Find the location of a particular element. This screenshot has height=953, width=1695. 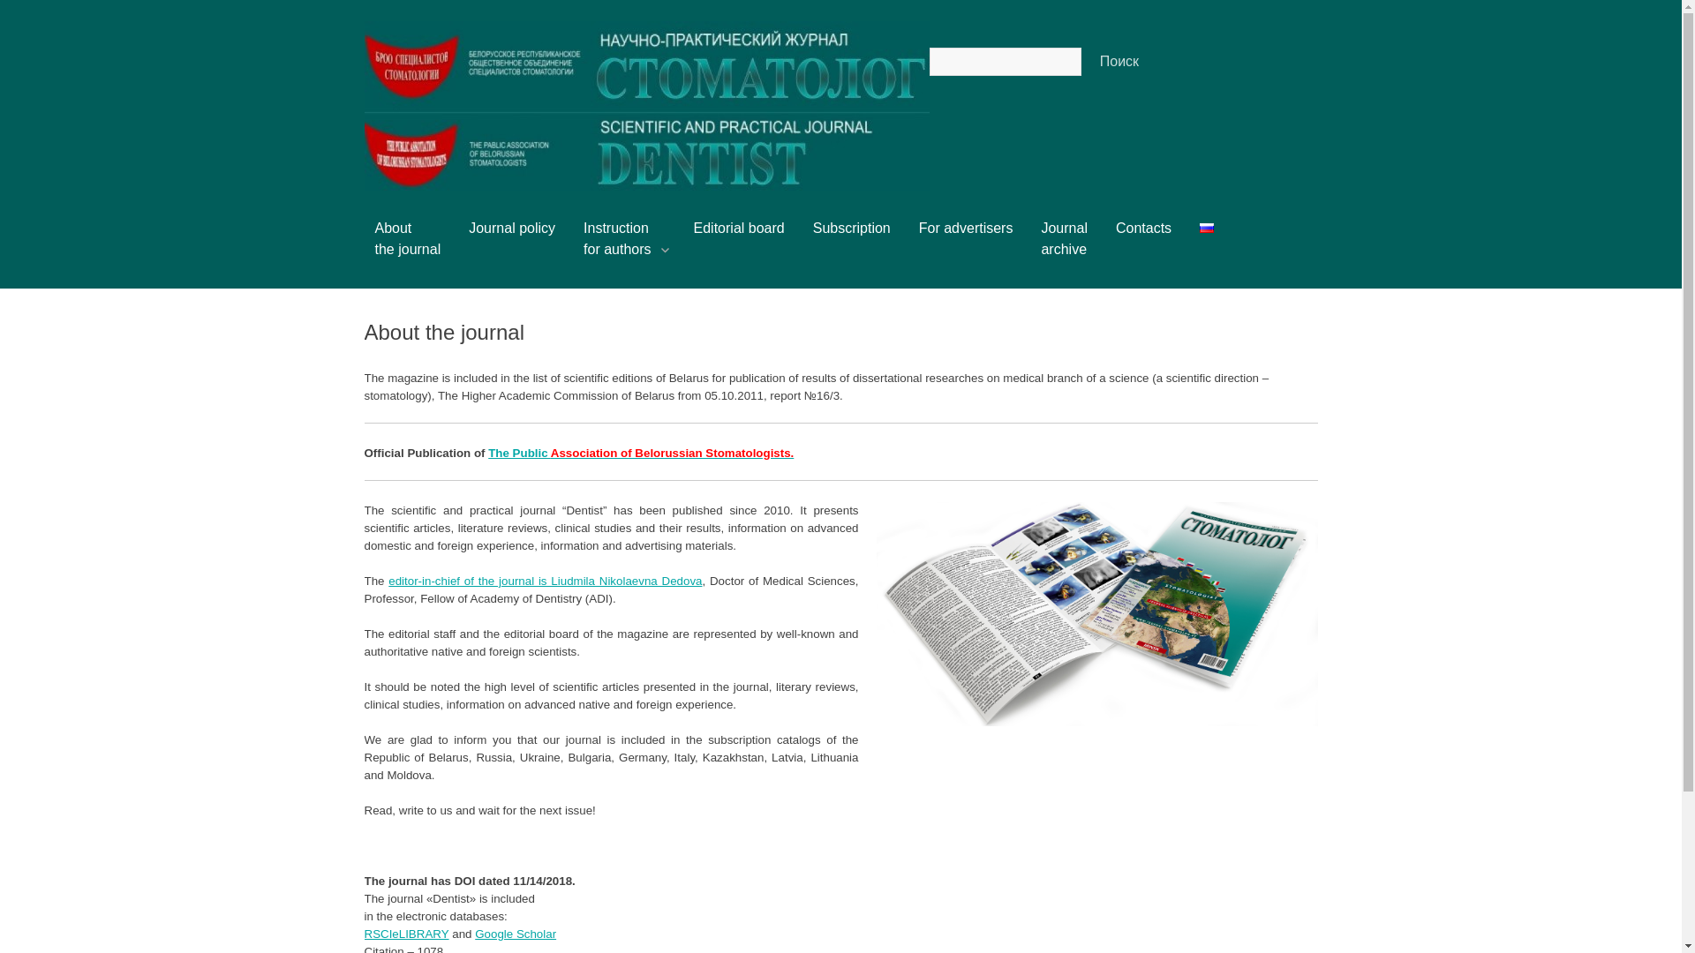

'The Public Association of Belorussian Stomatologists.' is located at coordinates (639, 452).